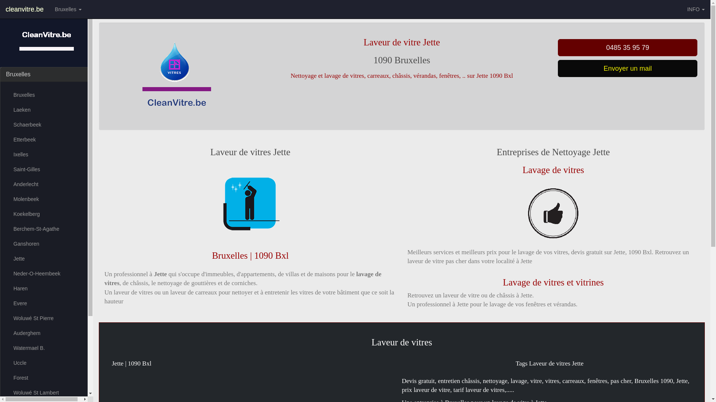  Describe the element at coordinates (46, 332) in the screenshot. I see `'Auderghem'` at that location.